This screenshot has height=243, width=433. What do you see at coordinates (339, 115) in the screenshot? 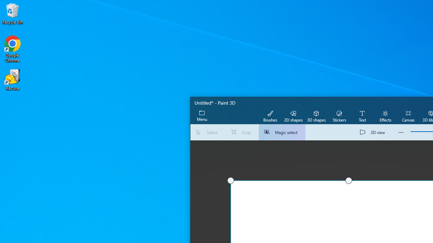
I see `'Stickers'` at bounding box center [339, 115].